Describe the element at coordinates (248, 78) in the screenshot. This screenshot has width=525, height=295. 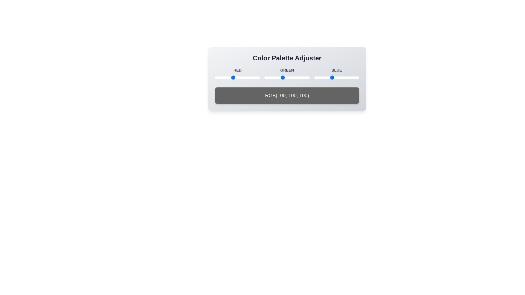
I see `the red color slider to 188` at that location.